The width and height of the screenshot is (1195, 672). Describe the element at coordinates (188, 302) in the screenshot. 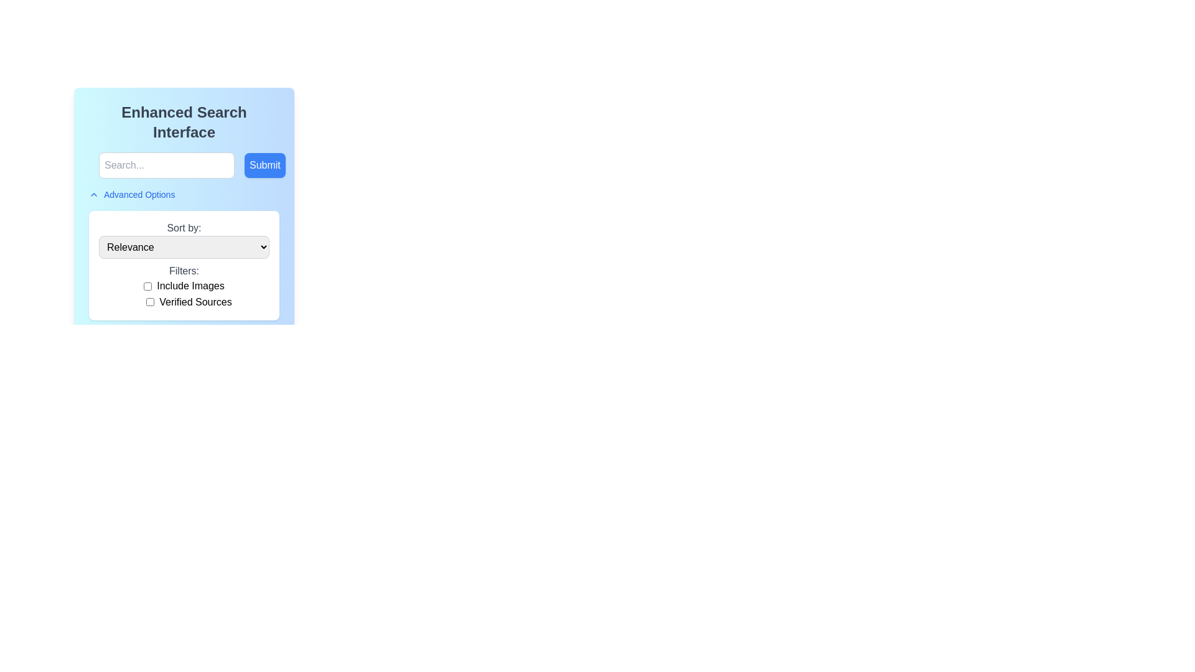

I see `the 'Verified Sources' checkbox located under the 'Filters' section` at that location.